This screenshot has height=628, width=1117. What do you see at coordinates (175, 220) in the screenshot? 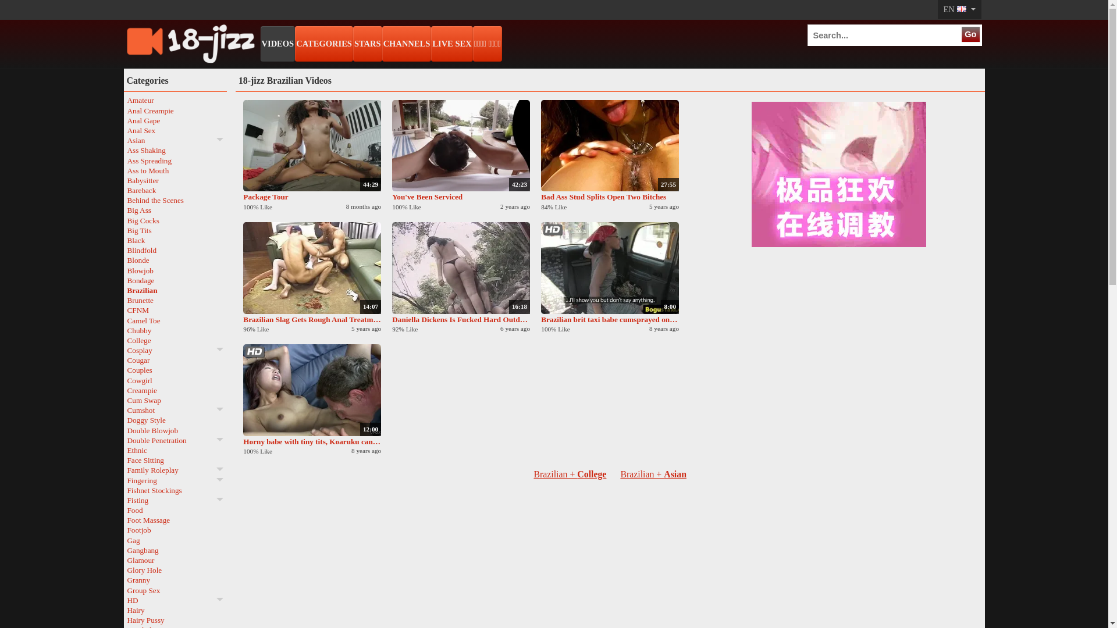
I see `'Big Cocks'` at bounding box center [175, 220].